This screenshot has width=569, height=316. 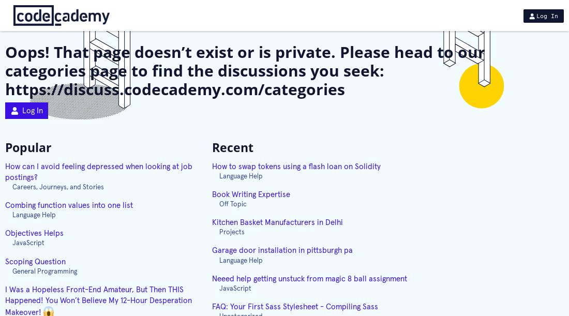 What do you see at coordinates (232, 204) in the screenshot?
I see `'Off Topic'` at bounding box center [232, 204].